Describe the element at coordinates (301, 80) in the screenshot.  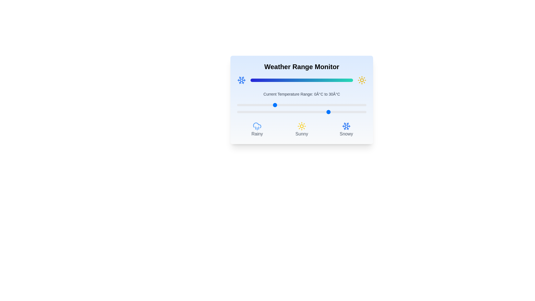
I see `the progress bar located between the blue snowflake icon and the yellow sun icon, which visually represents temperature levels using a gradient color scheme` at that location.